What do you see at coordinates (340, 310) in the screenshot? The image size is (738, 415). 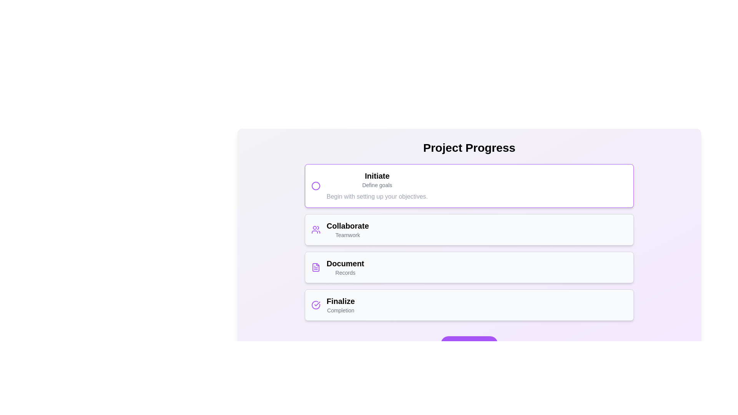 I see `the text label displaying 'Completion', which is located directly beneath the bold title 'Finalize' in the card section of the UI` at bounding box center [340, 310].